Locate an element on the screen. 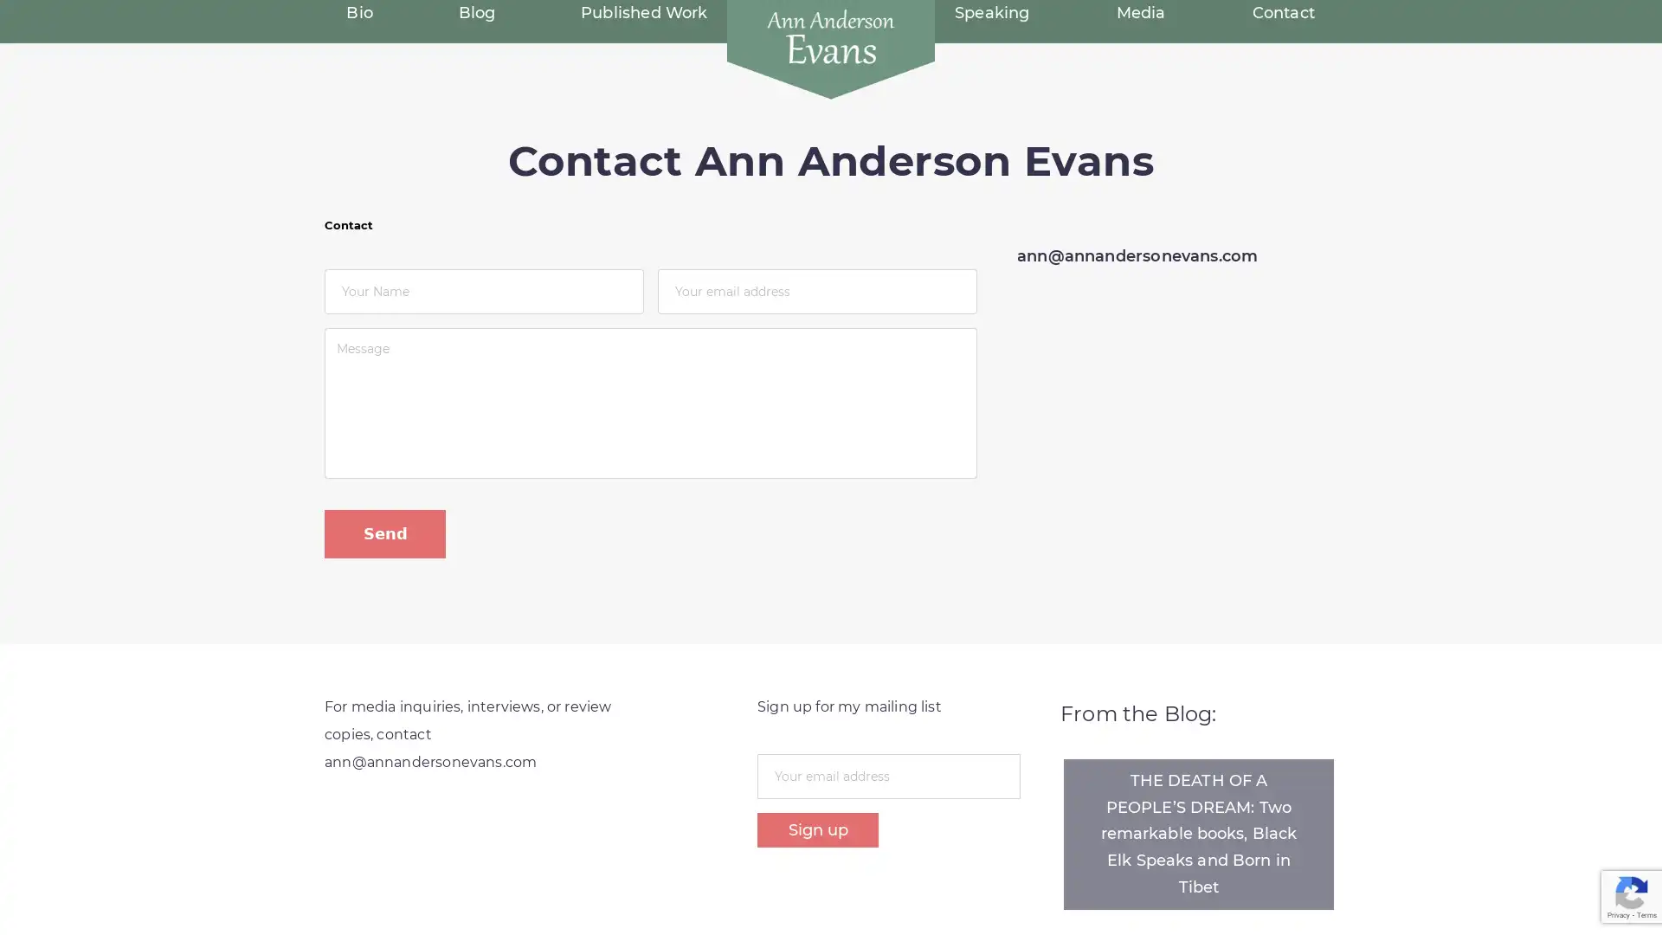  Send is located at coordinates (384, 532).